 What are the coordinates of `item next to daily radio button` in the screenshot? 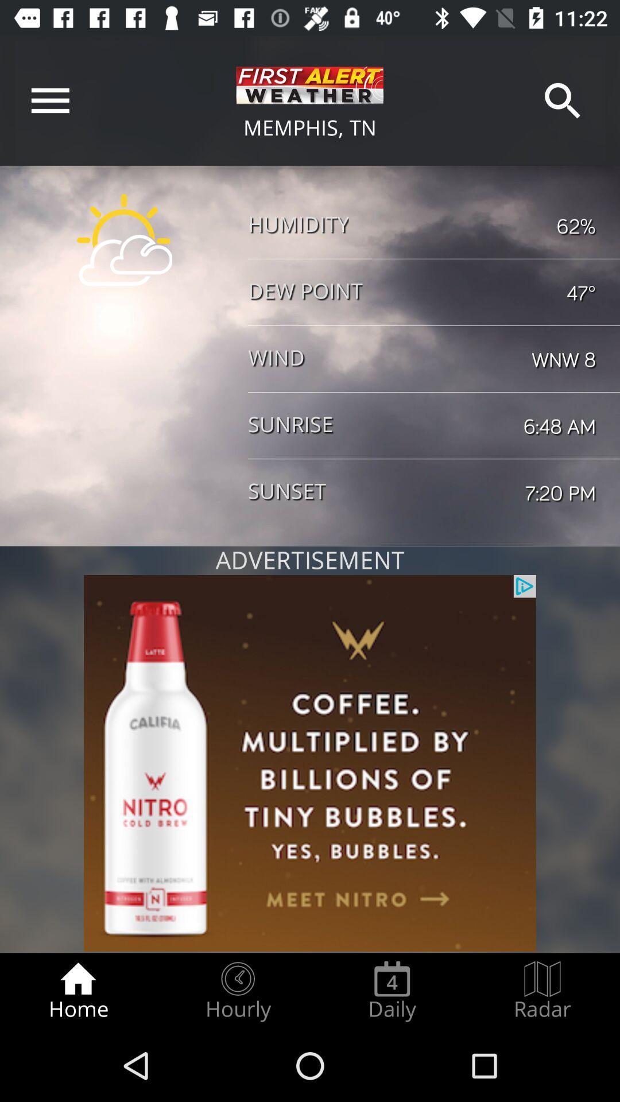 It's located at (542, 991).